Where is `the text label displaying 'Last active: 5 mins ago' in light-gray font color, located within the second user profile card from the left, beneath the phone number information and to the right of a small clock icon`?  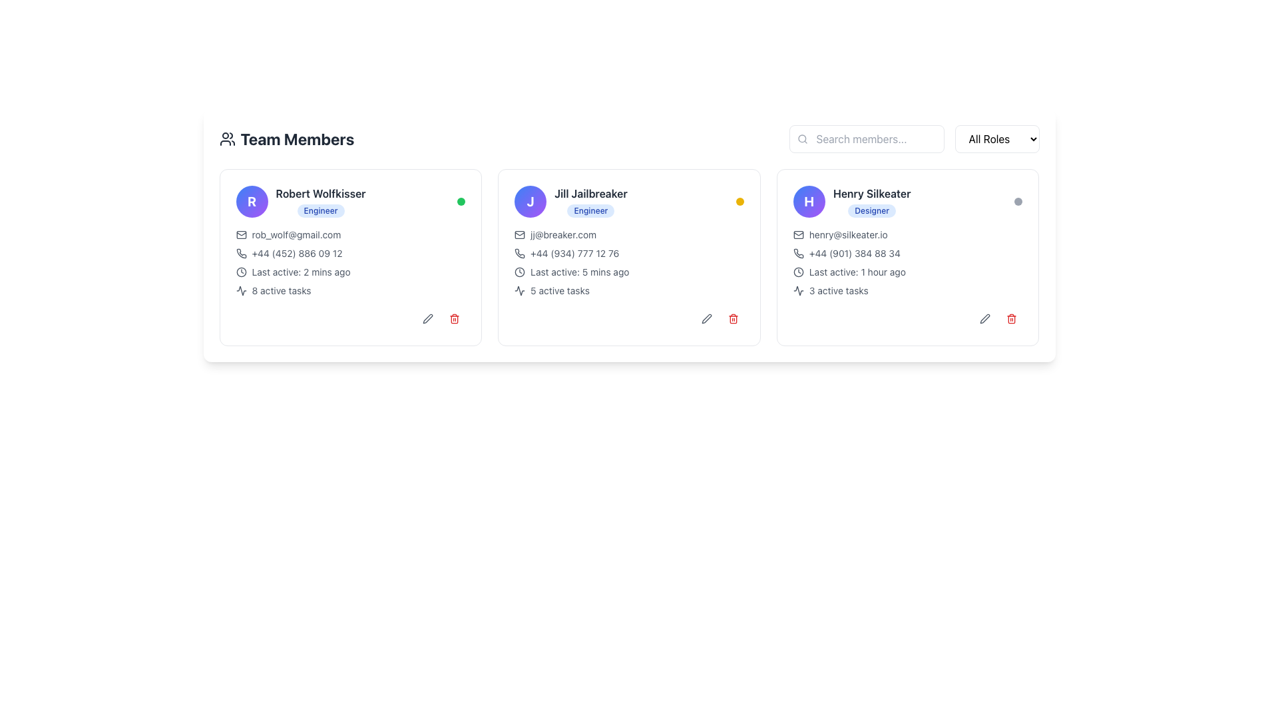
the text label displaying 'Last active: 5 mins ago' in light-gray font color, located within the second user profile card from the left, beneath the phone number information and to the right of a small clock icon is located at coordinates (580, 271).